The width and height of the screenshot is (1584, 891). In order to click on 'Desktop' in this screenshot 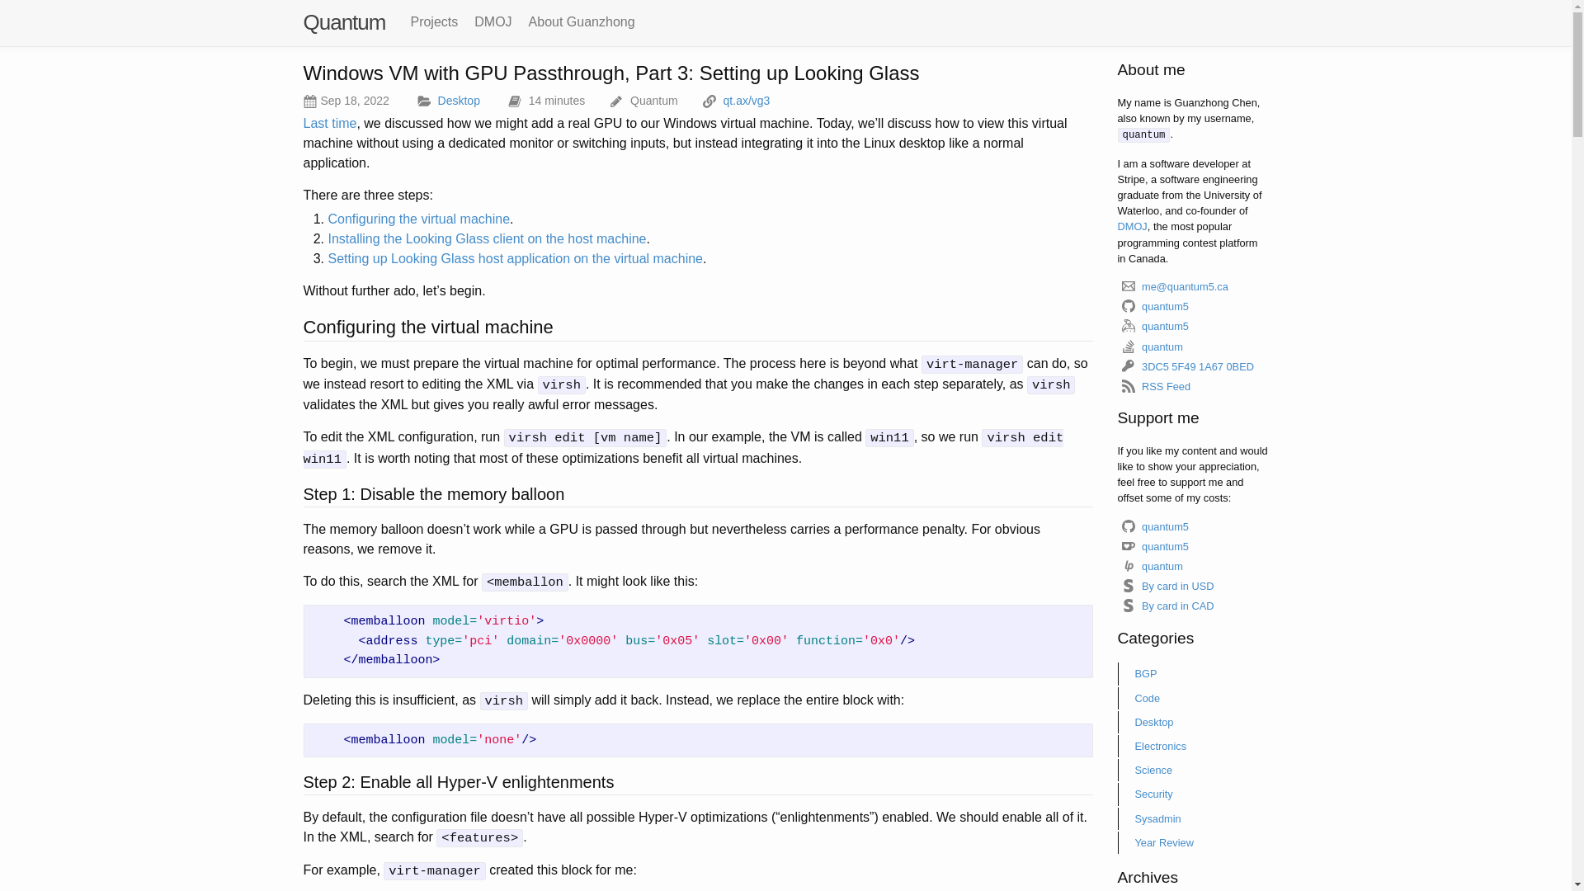, I will do `click(459, 101)`.